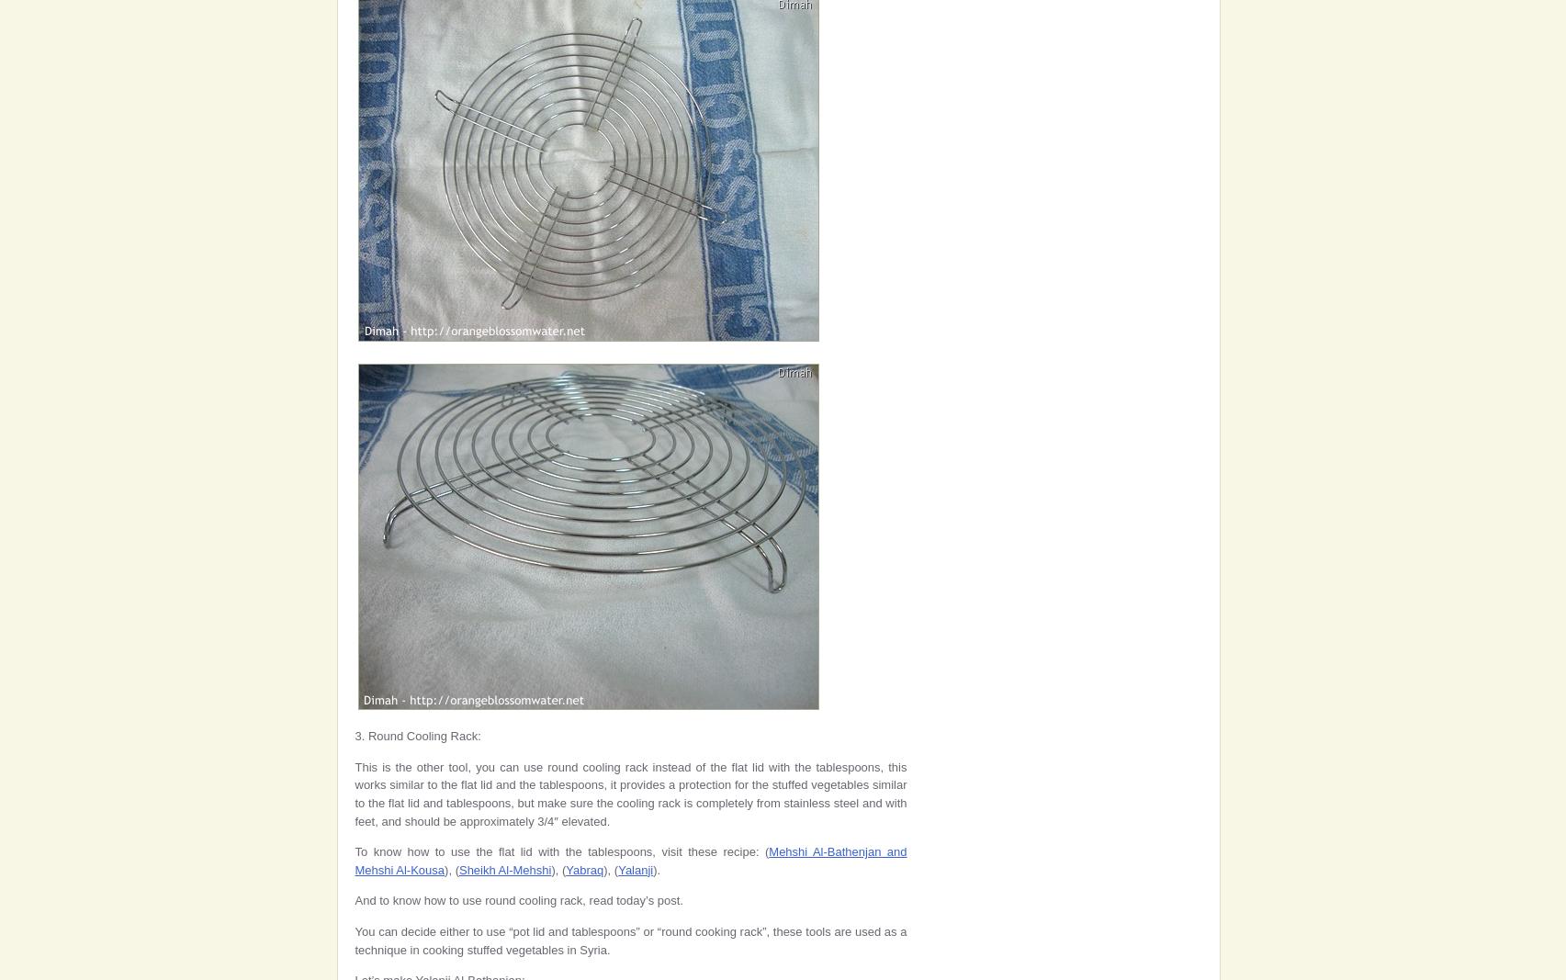 This screenshot has width=1566, height=980. What do you see at coordinates (457, 869) in the screenshot?
I see `'Sheikh Al-Mehshi'` at bounding box center [457, 869].